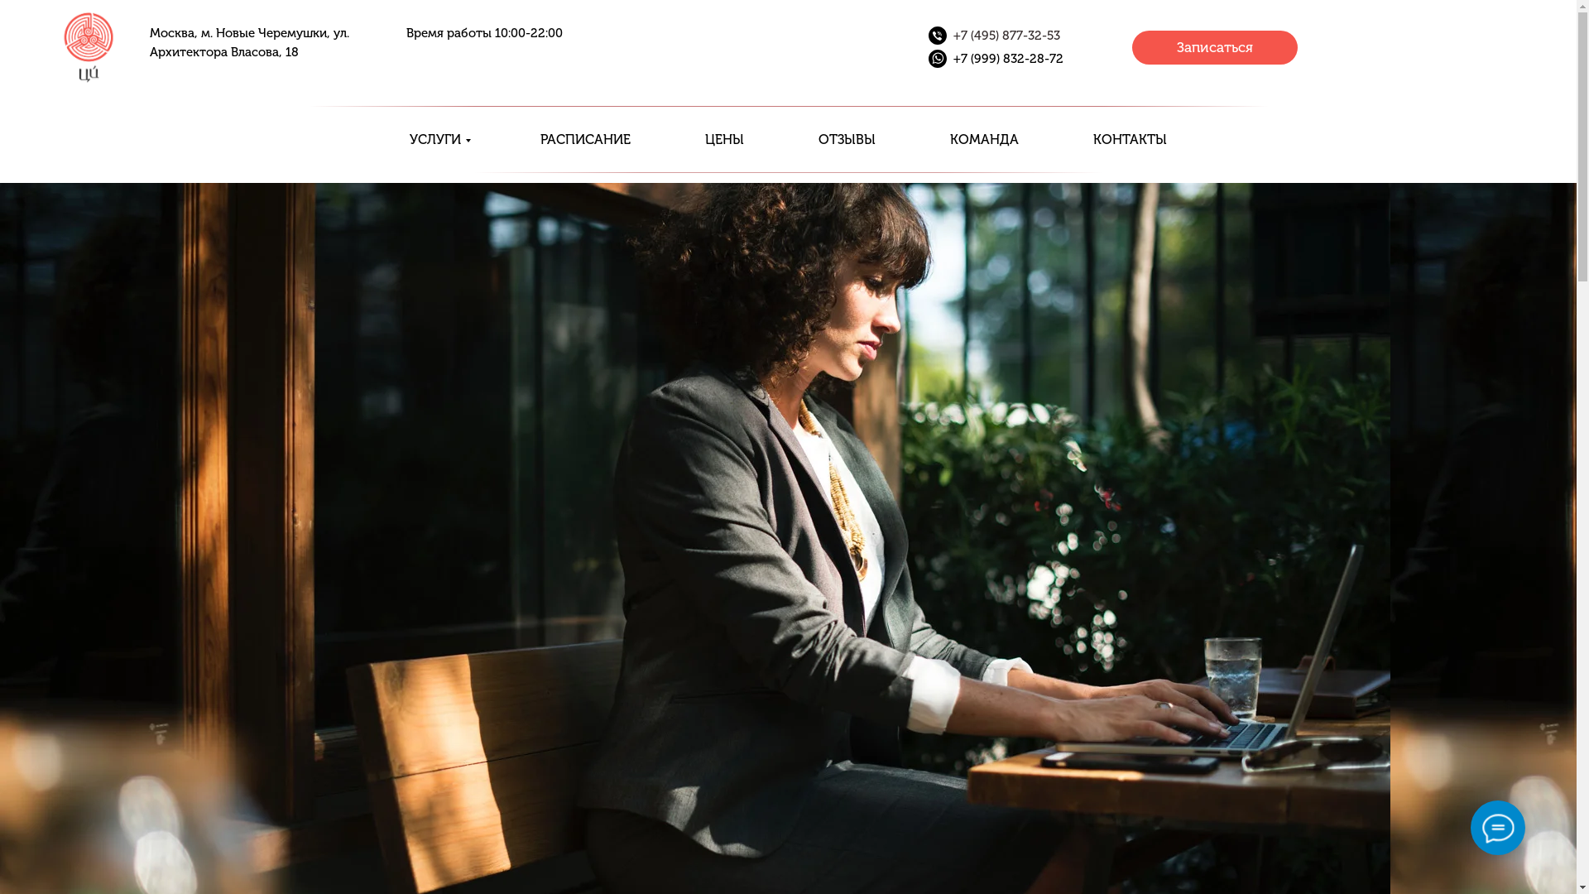  What do you see at coordinates (953, 35) in the screenshot?
I see `'+7 (495) 877-32-53'` at bounding box center [953, 35].